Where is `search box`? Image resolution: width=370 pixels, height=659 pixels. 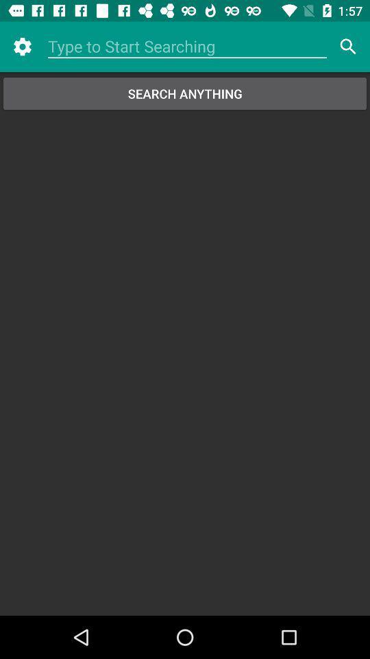 search box is located at coordinates (186, 47).